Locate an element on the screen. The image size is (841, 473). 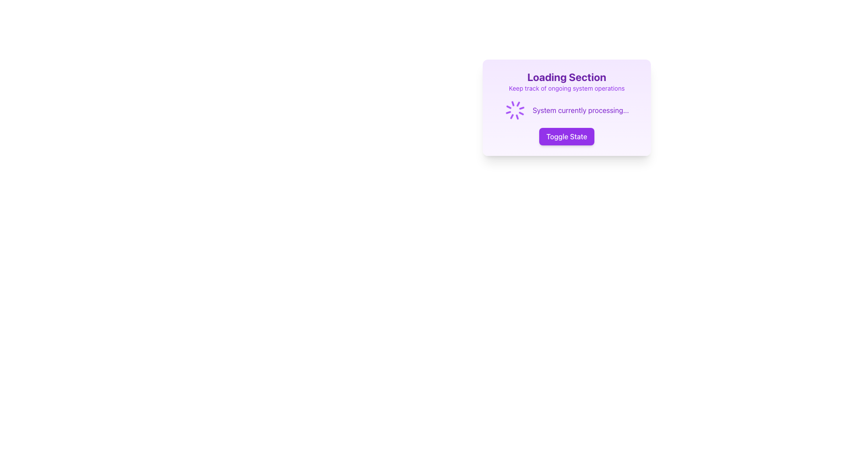
text displayed in the section header of the card that indicates monitoring ongoing system operations, located at the top-center of the interface is located at coordinates (567, 81).